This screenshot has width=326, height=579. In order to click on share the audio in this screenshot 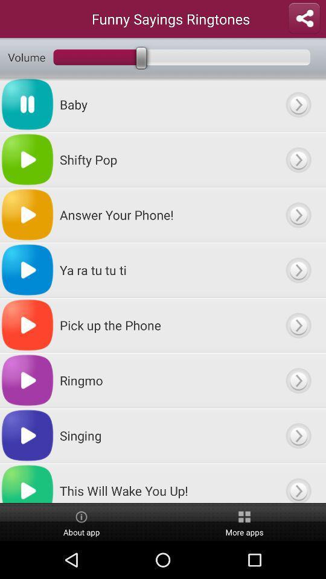, I will do `click(303, 18)`.